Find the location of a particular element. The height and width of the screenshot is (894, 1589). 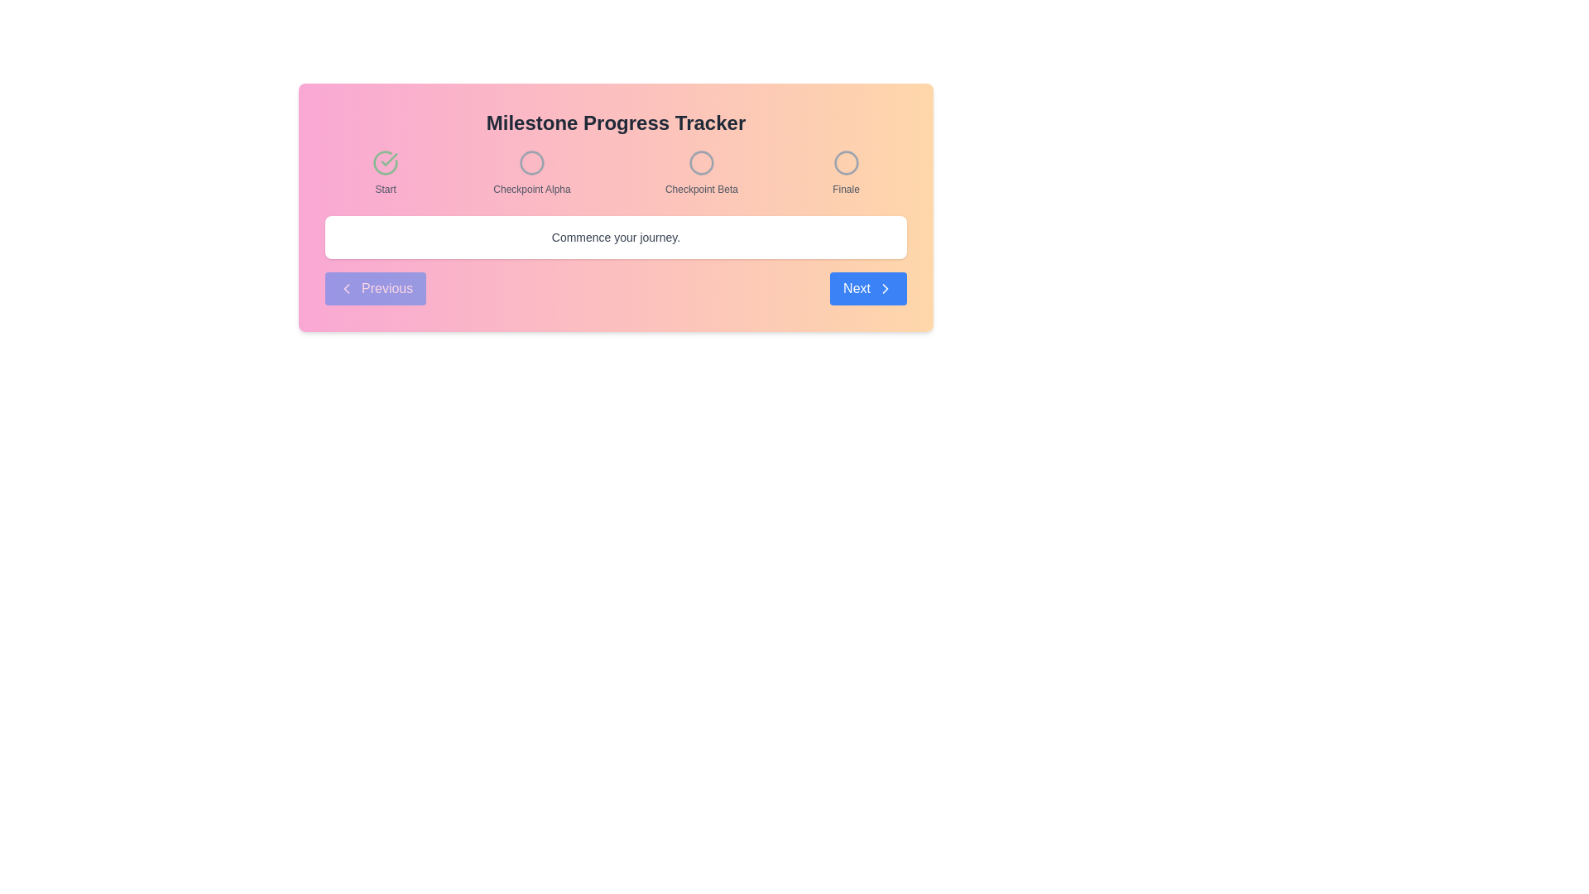

the static text label that indicates the final step or milestone in a progress-tracking interface, located beneath a circular visual marker with a gray stroke on the top-right side of the layout is located at coordinates (846, 188).